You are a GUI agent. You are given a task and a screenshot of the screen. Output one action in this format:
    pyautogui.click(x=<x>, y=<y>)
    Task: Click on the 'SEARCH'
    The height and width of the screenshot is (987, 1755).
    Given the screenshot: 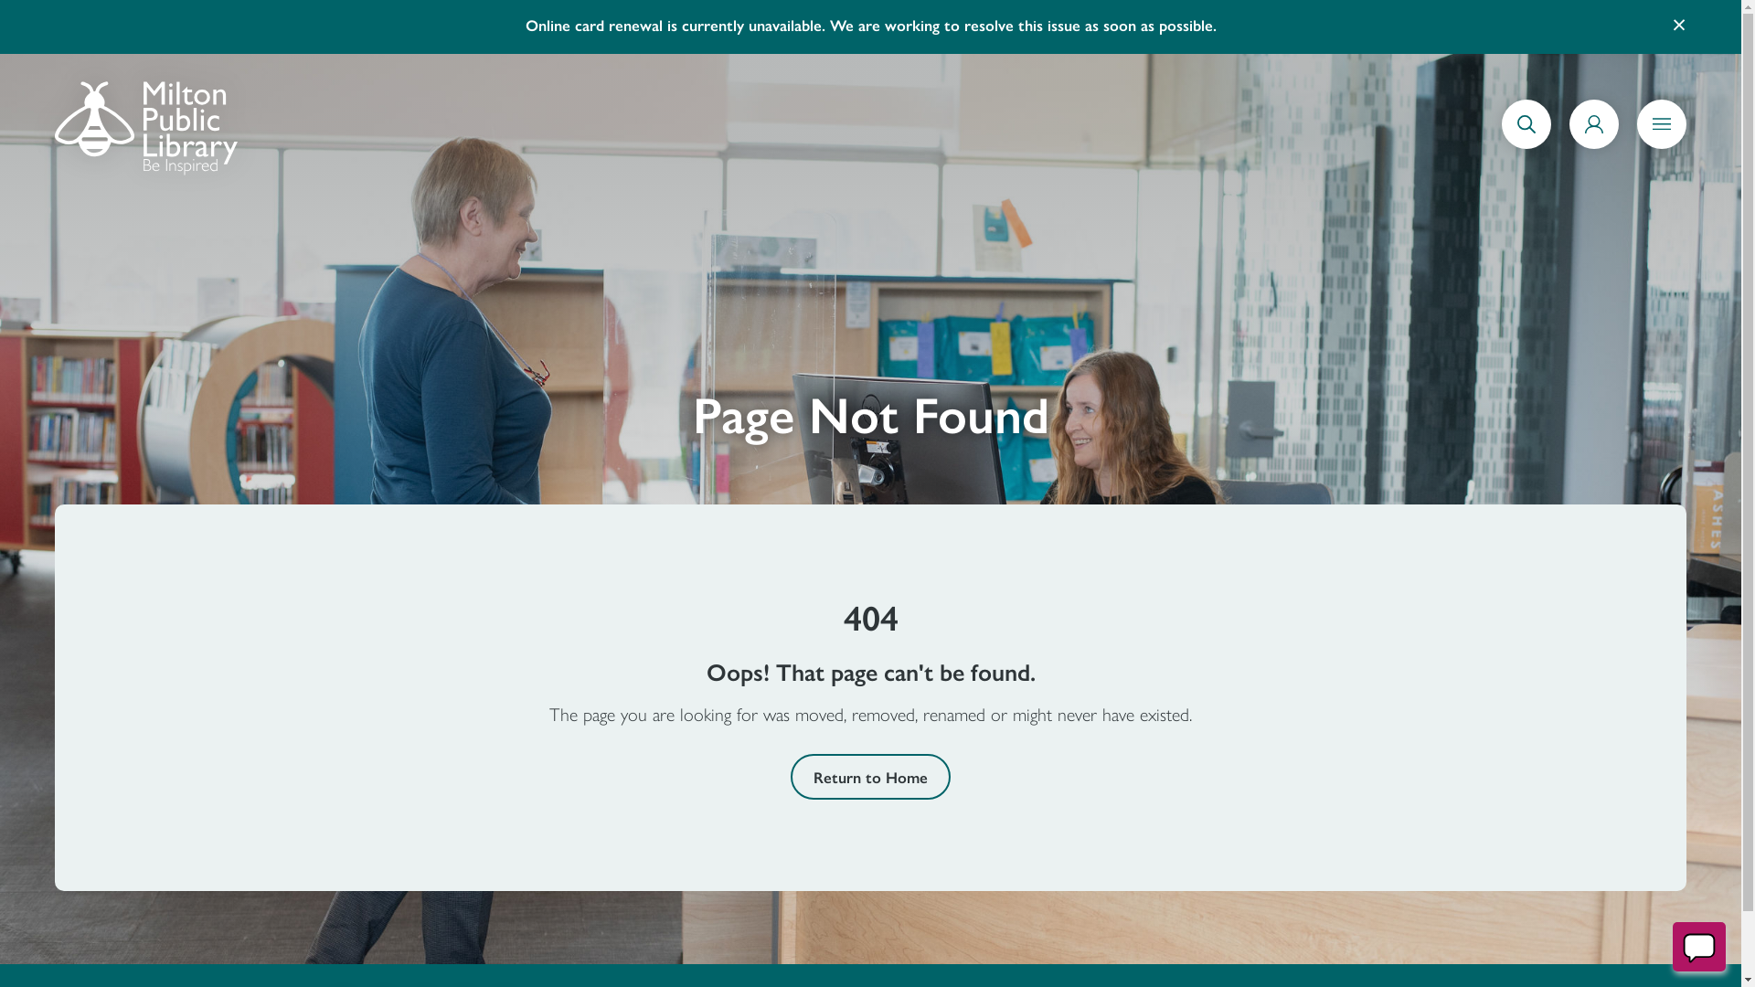 What is the action you would take?
    pyautogui.click(x=1526, y=143)
    